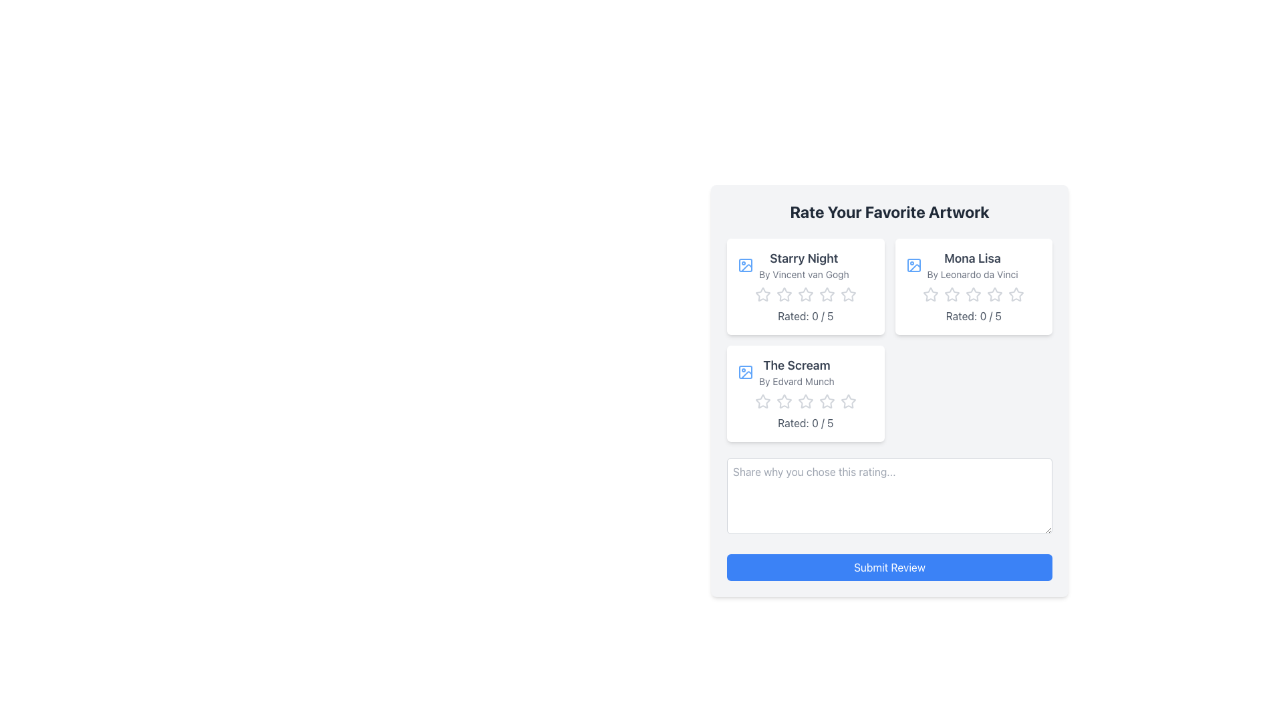  I want to click on the third star in the rating system under the artwork 'The Scream' to rate it, so click(762, 400).